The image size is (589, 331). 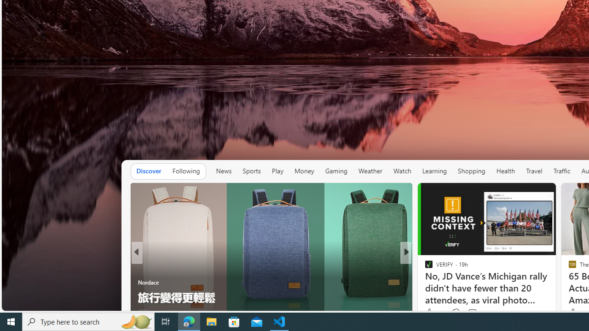 What do you see at coordinates (370, 171) in the screenshot?
I see `'Weather'` at bounding box center [370, 171].